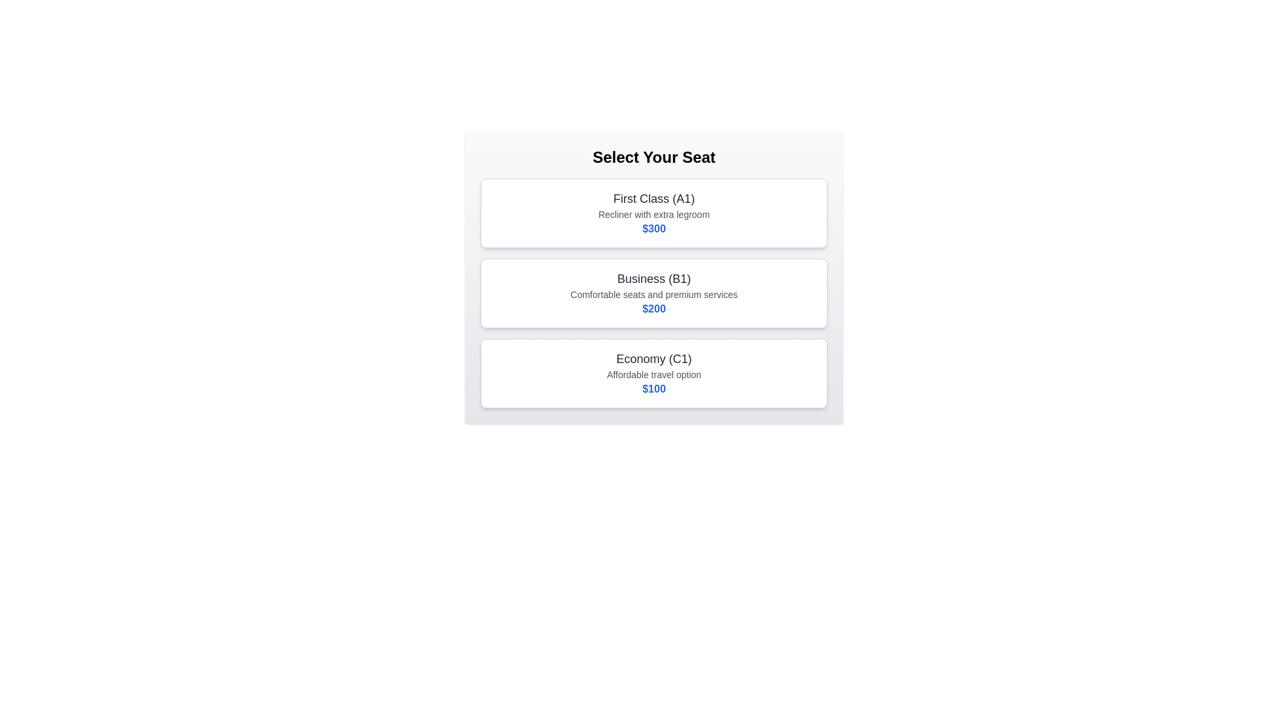 Image resolution: width=1261 pixels, height=709 pixels. I want to click on the first selectable option for purchasing a 'First Class (A1)' seat, which is a recliner with extra legroom priced at $300, so click(654, 212).